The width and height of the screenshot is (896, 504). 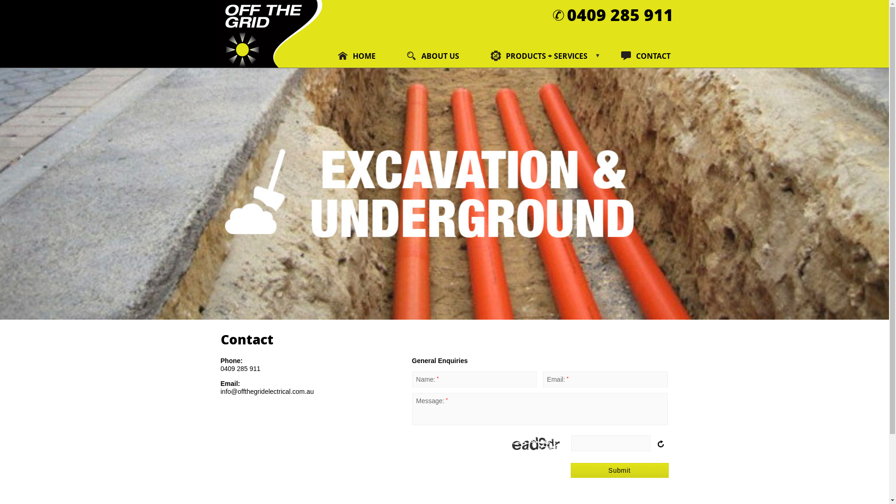 I want to click on 'Submit', so click(x=570, y=470).